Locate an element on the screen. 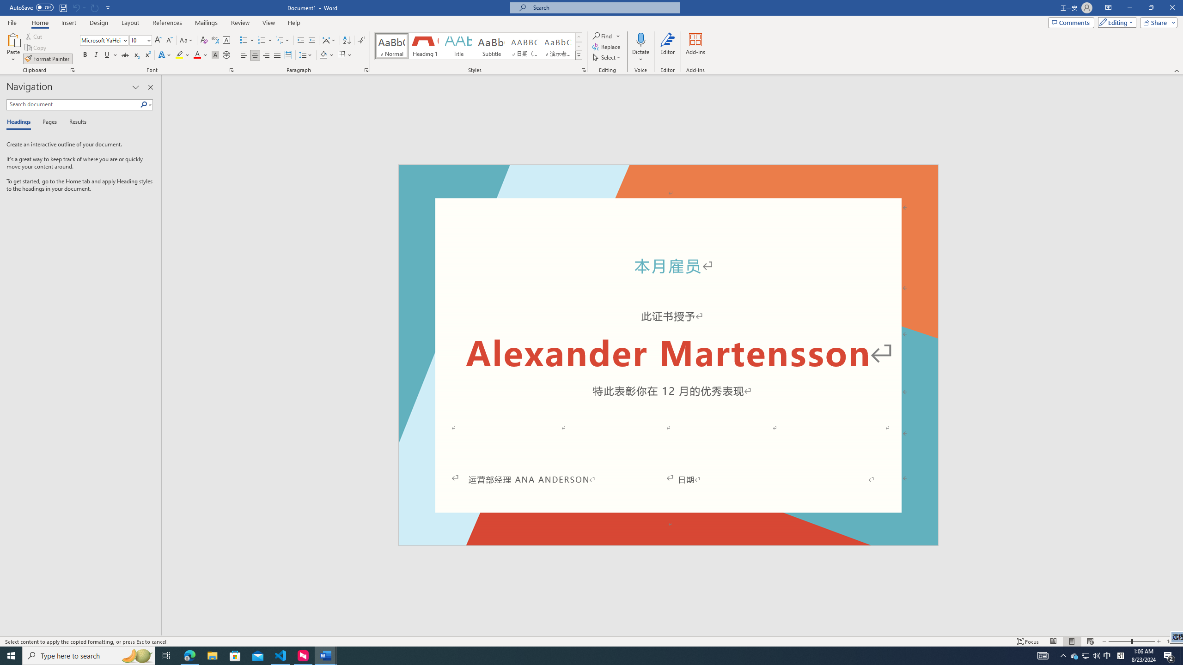 Image resolution: width=1183 pixels, height=665 pixels. 'Decrease Indent' is located at coordinates (301, 40).